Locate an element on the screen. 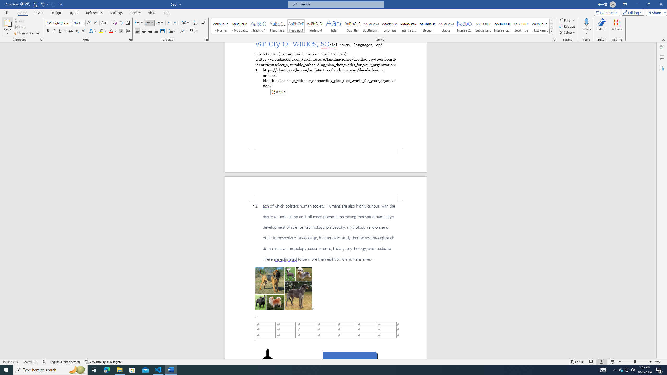  'Quote' is located at coordinates (446, 26).